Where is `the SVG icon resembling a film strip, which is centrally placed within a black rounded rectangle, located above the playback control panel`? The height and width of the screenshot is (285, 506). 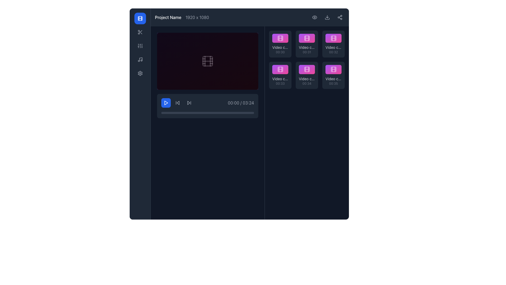
the SVG icon resembling a film strip, which is centrally placed within a black rounded rectangle, located above the playback control panel is located at coordinates (207, 61).